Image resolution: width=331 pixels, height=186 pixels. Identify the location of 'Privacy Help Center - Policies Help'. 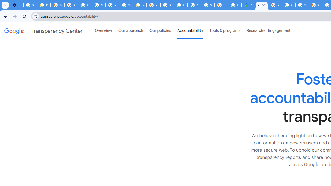
(275, 5).